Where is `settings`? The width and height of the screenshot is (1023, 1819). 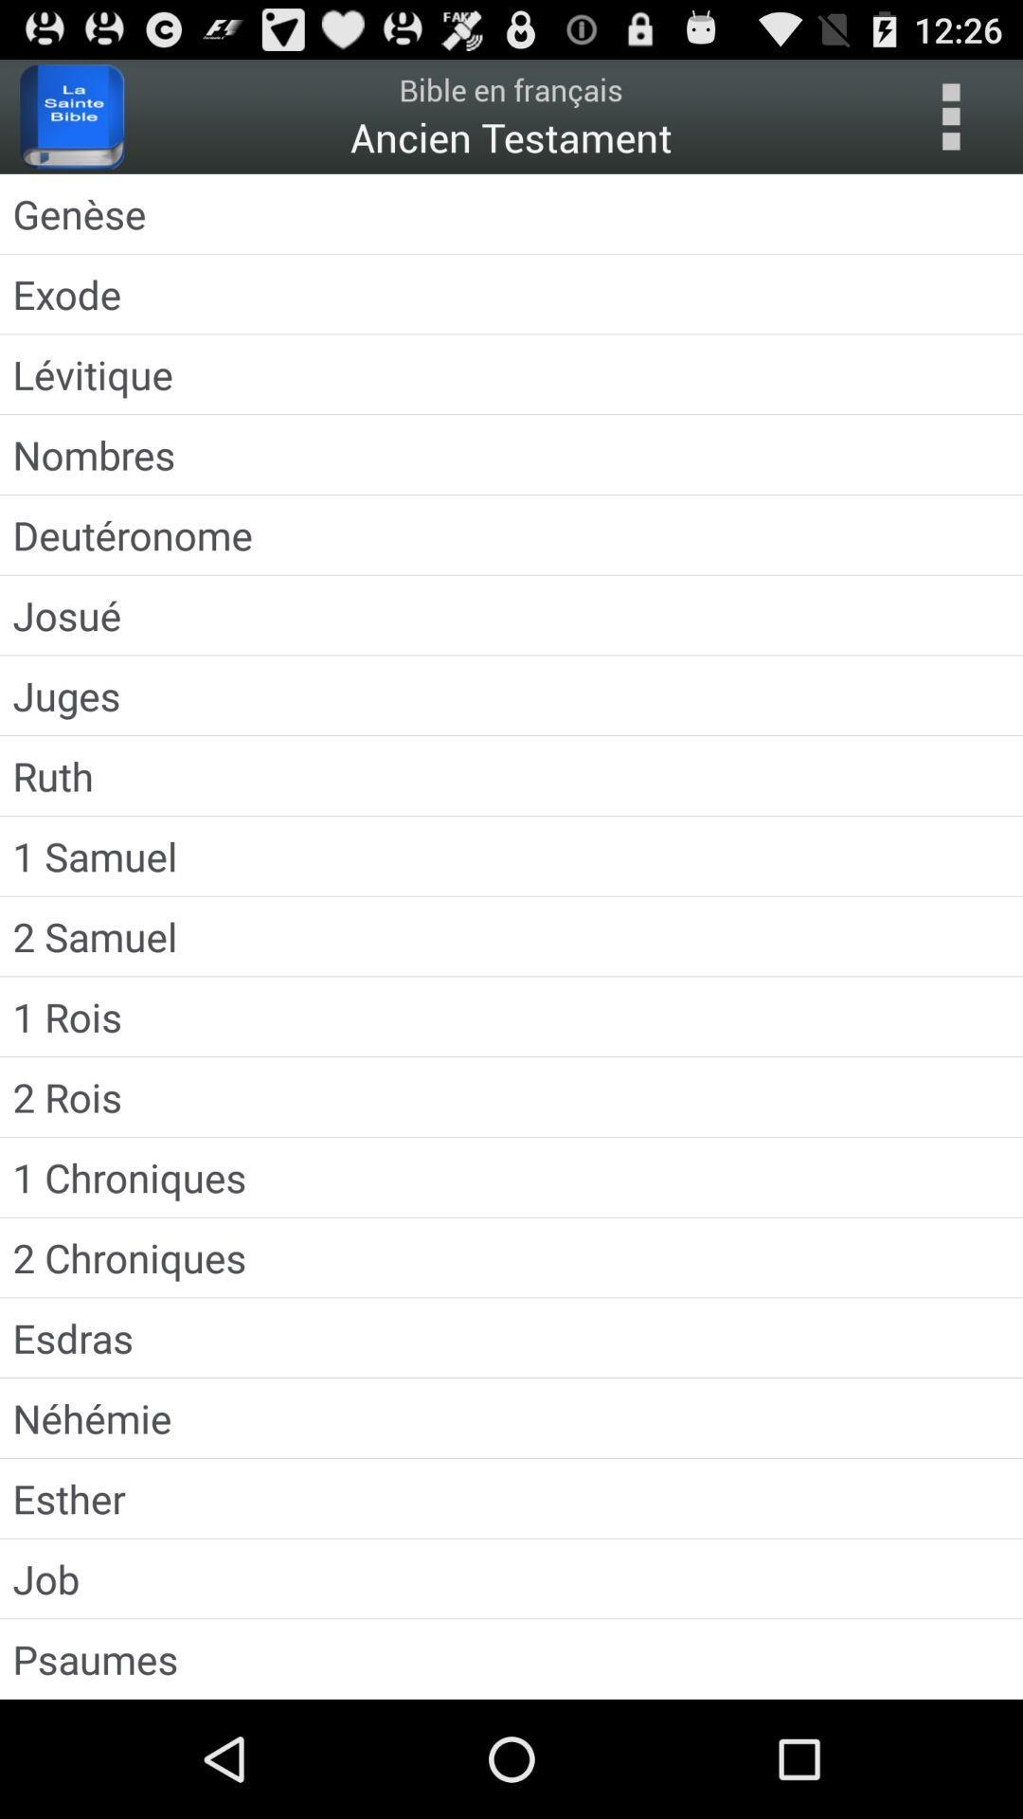
settings is located at coordinates (950, 116).